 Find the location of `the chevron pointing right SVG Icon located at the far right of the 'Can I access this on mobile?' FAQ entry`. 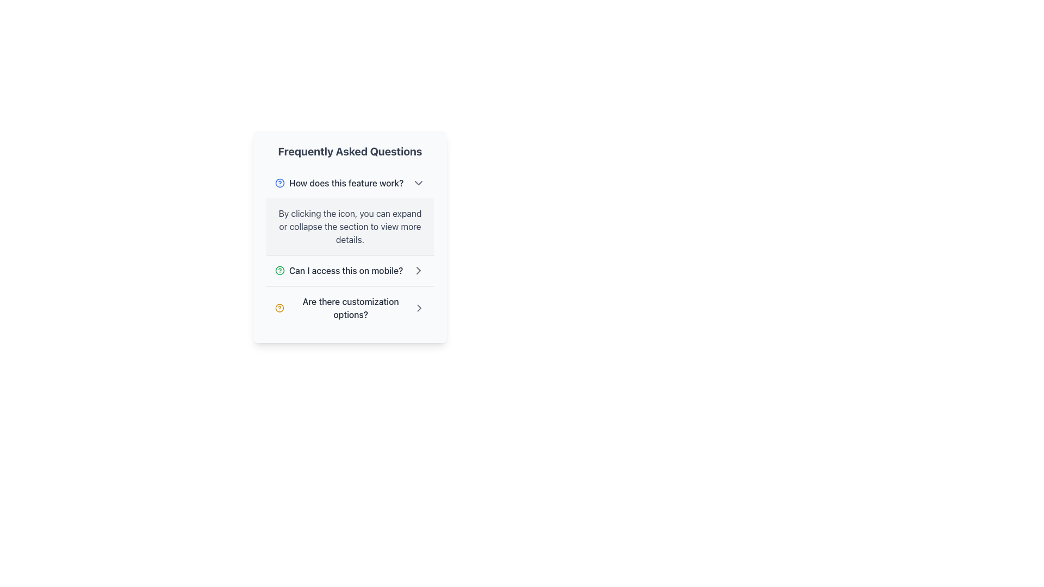

the chevron pointing right SVG Icon located at the far right of the 'Can I access this on mobile?' FAQ entry is located at coordinates (418, 308).